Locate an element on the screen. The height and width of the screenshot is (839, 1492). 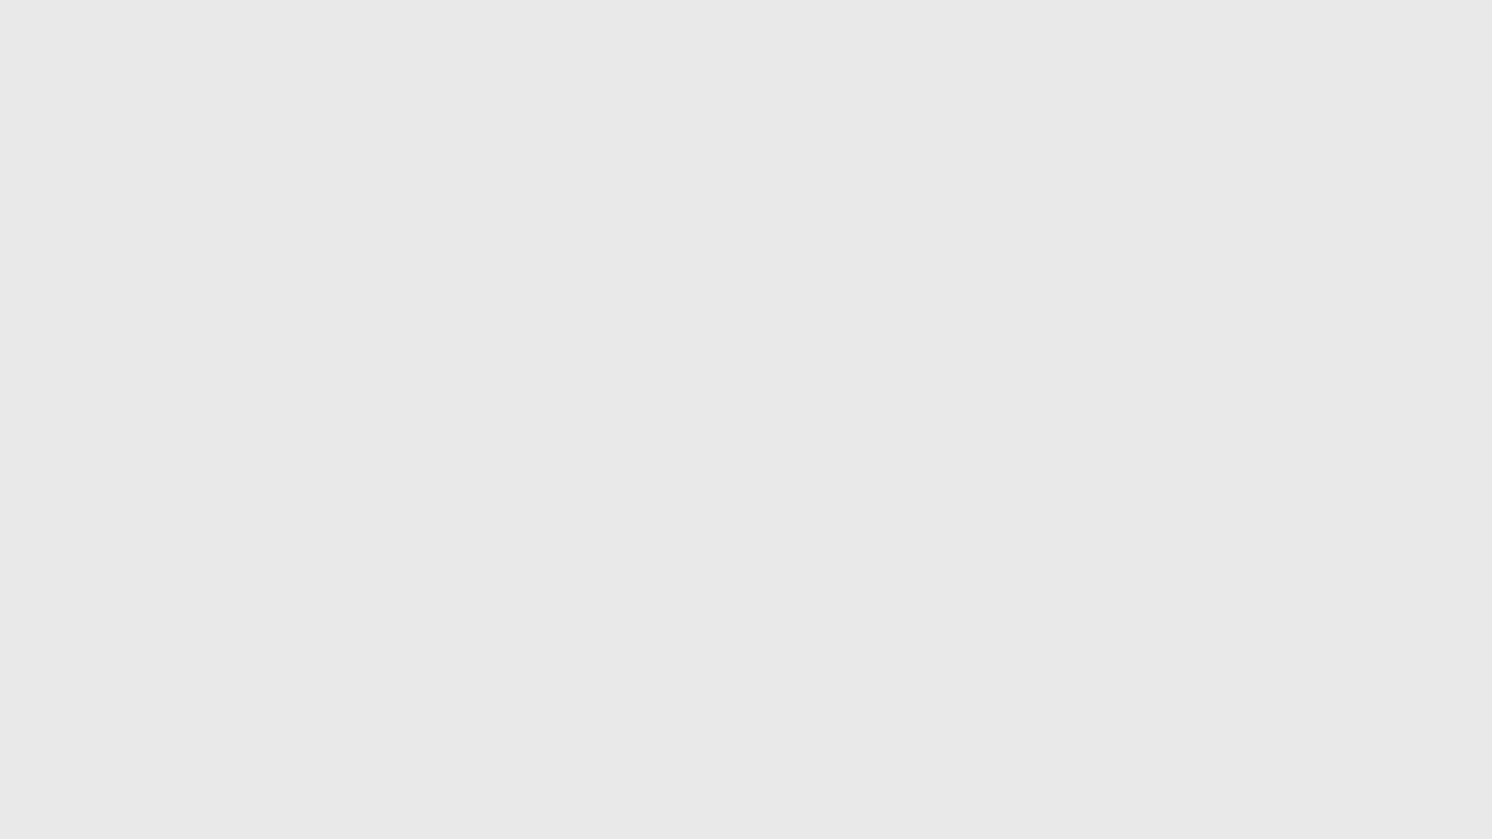
Der Klaus : a poem Available at Museum of Modern Art Library  MoMA Manhattan Artists' Books (LPW P6742 A12k) is located at coordinates (676, 96).